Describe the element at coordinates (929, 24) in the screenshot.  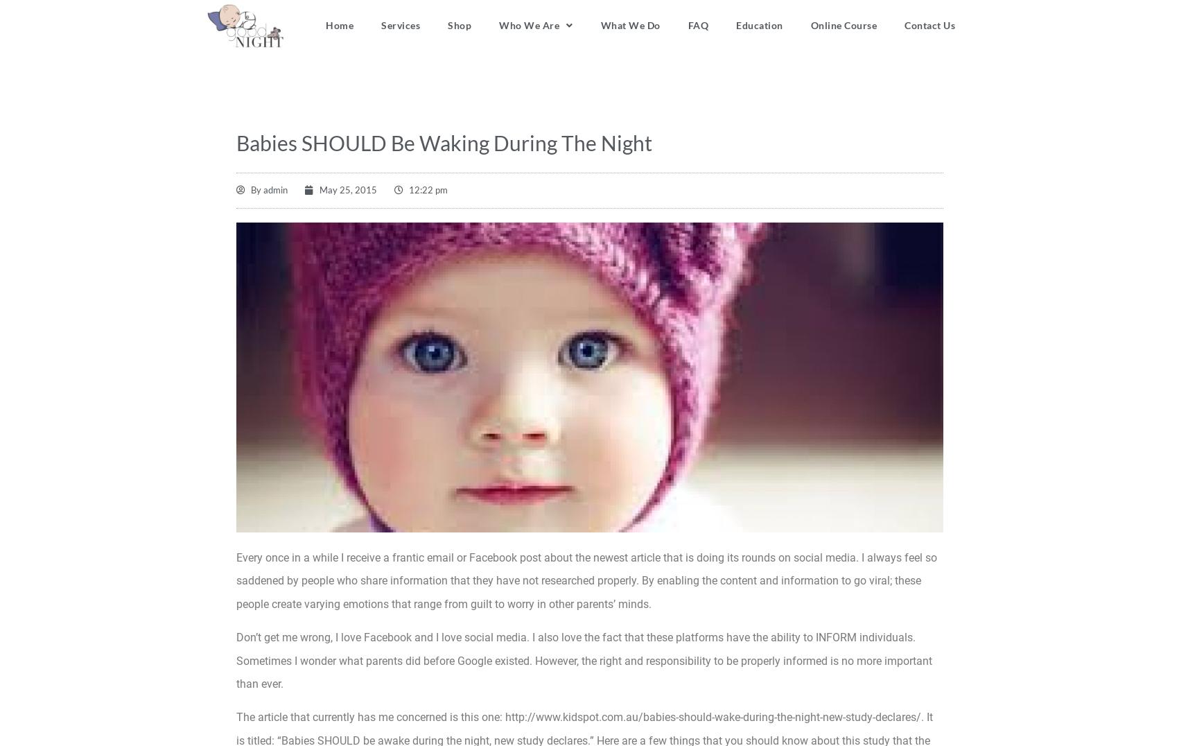
I see `'Contact Us'` at that location.